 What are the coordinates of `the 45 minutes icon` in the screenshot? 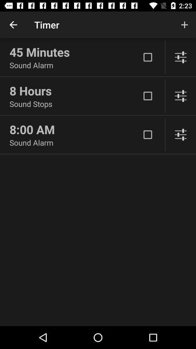 It's located at (74, 52).